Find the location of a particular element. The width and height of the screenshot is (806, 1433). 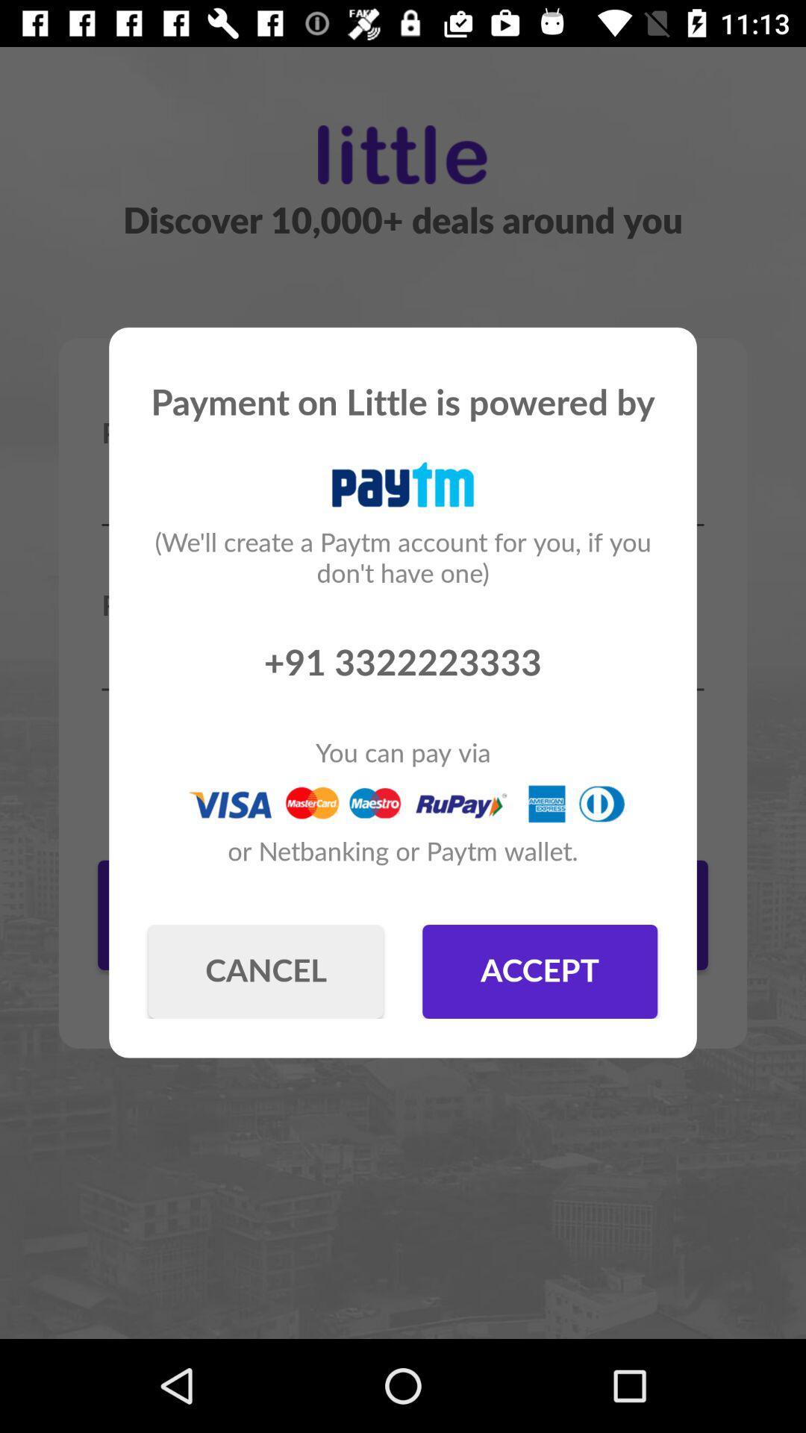

the button to the right of the cancel is located at coordinates (540, 971).